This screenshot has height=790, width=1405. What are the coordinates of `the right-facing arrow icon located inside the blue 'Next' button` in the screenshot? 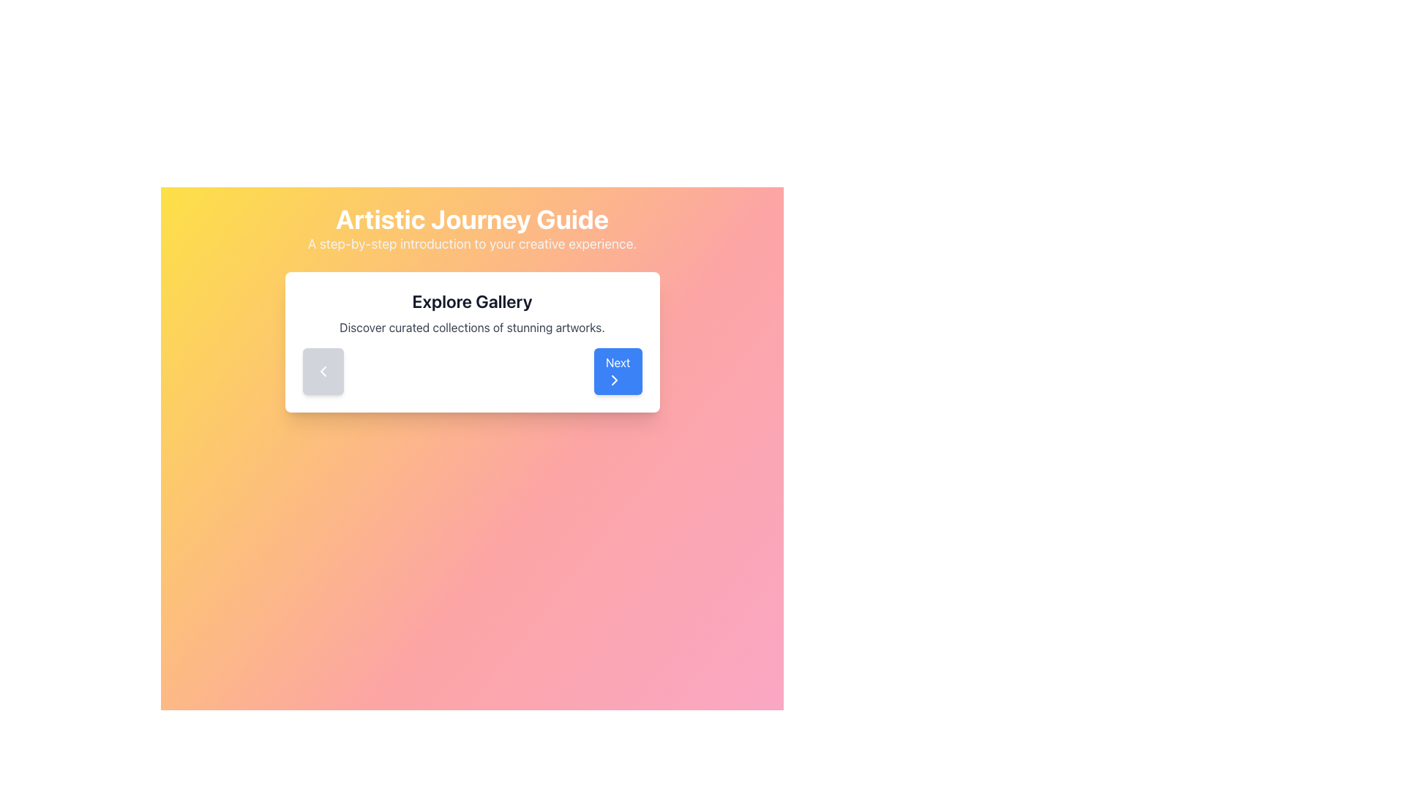 It's located at (614, 380).